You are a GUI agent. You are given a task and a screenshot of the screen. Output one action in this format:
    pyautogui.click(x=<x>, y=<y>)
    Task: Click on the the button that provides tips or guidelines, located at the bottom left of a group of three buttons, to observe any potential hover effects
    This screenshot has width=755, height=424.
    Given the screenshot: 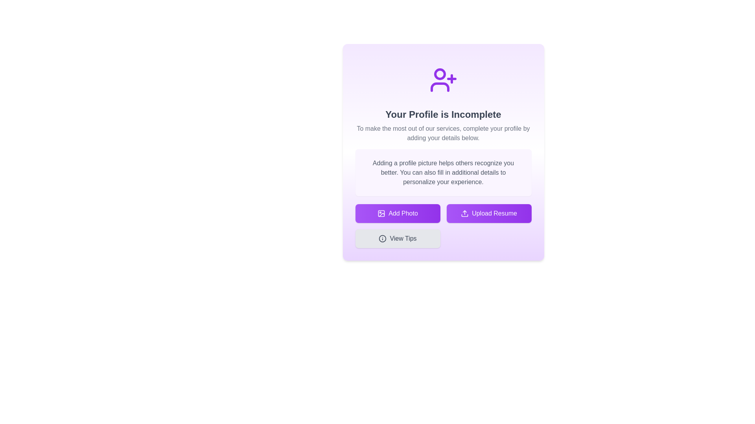 What is the action you would take?
    pyautogui.click(x=398, y=238)
    